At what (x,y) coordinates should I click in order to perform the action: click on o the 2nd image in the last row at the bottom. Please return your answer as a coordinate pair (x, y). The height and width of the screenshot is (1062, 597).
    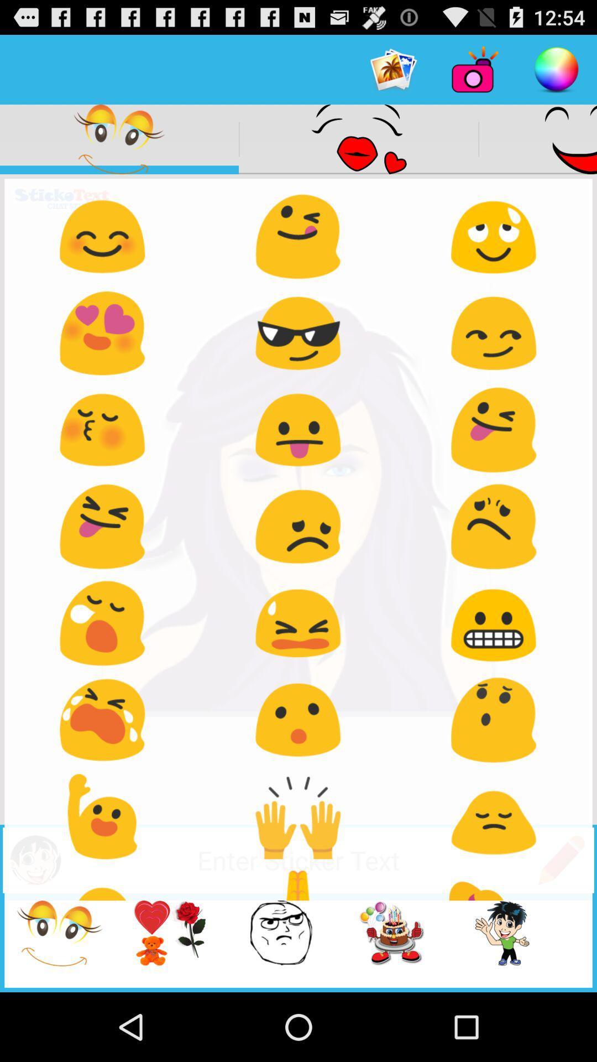
    Looking at the image, I should click on (153, 942).